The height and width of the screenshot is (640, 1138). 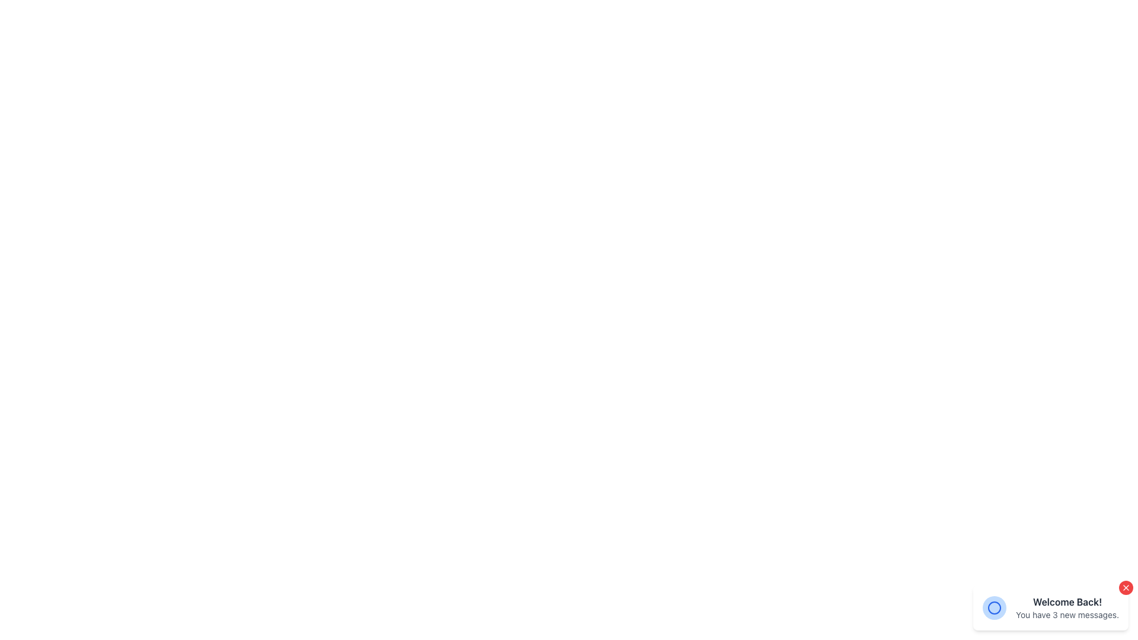 I want to click on informational text label that displays 'You have 3 new messages.' located below the heading 'Welcome Back!' in the bottom-right corner of the interface, so click(x=1067, y=614).